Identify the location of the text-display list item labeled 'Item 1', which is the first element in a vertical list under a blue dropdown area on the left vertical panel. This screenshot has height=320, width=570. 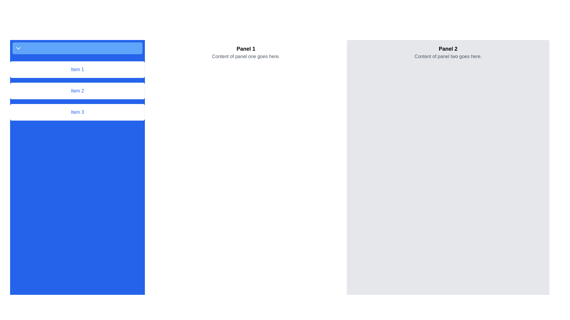
(77, 69).